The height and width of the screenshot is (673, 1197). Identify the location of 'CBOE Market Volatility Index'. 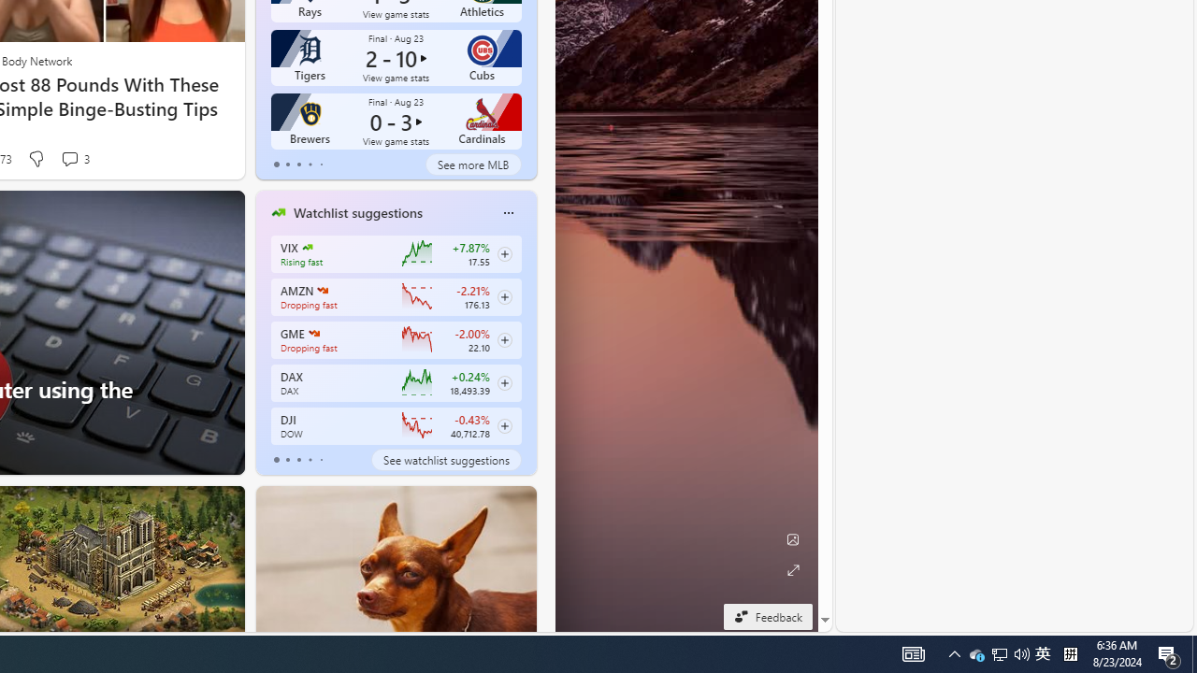
(307, 246).